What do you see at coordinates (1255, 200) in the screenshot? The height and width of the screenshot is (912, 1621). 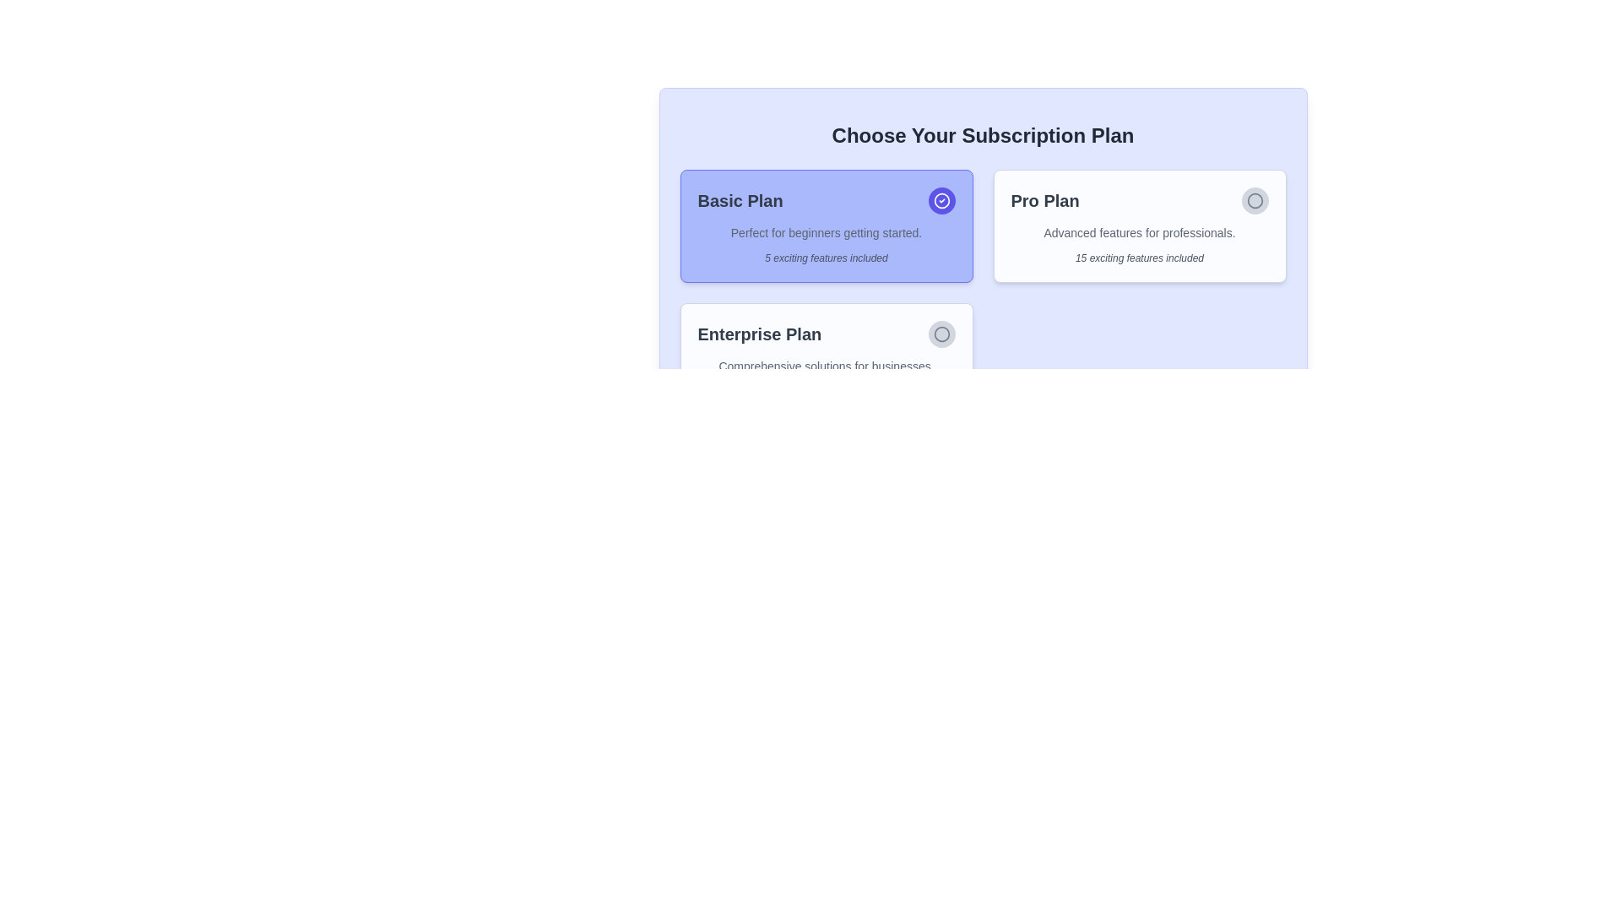 I see `the circular SVG icon with a gray stroke, located in the top-right of the 'Pro Plan' section in the subscription selection interface` at bounding box center [1255, 200].